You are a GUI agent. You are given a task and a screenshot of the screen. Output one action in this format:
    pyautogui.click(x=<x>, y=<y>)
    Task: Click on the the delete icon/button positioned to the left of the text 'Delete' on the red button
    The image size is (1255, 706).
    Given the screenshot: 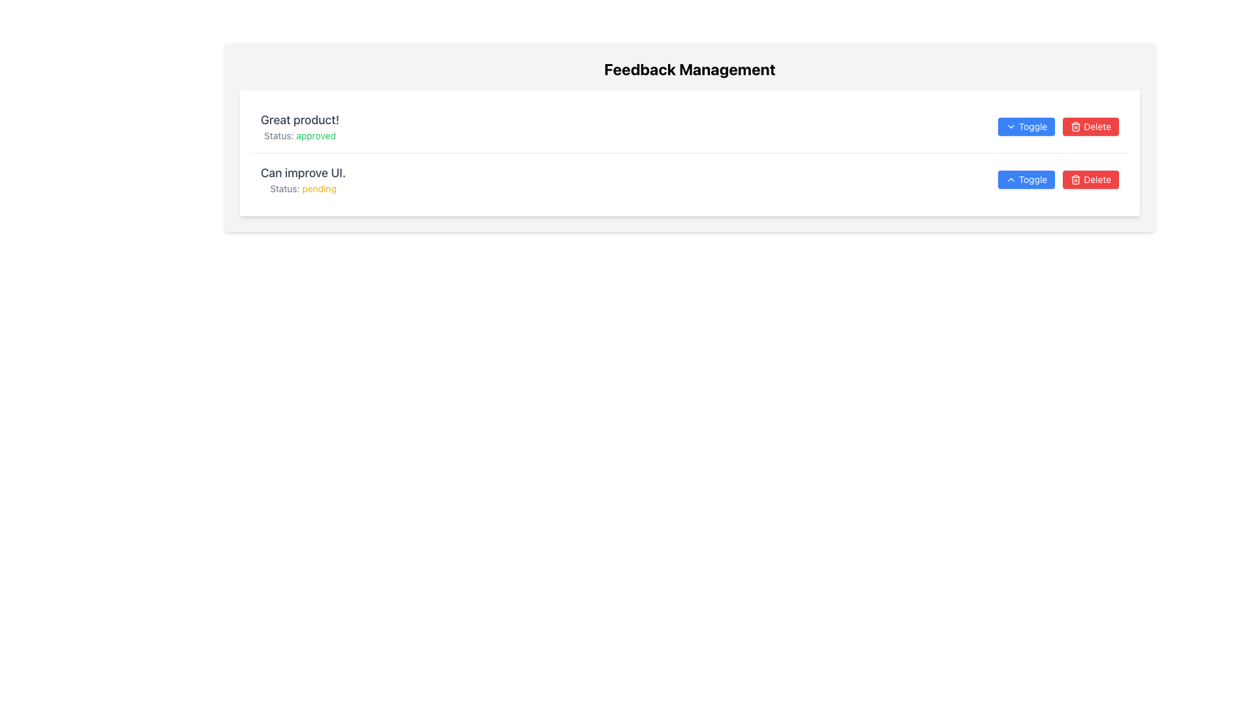 What is the action you would take?
    pyautogui.click(x=1076, y=179)
    